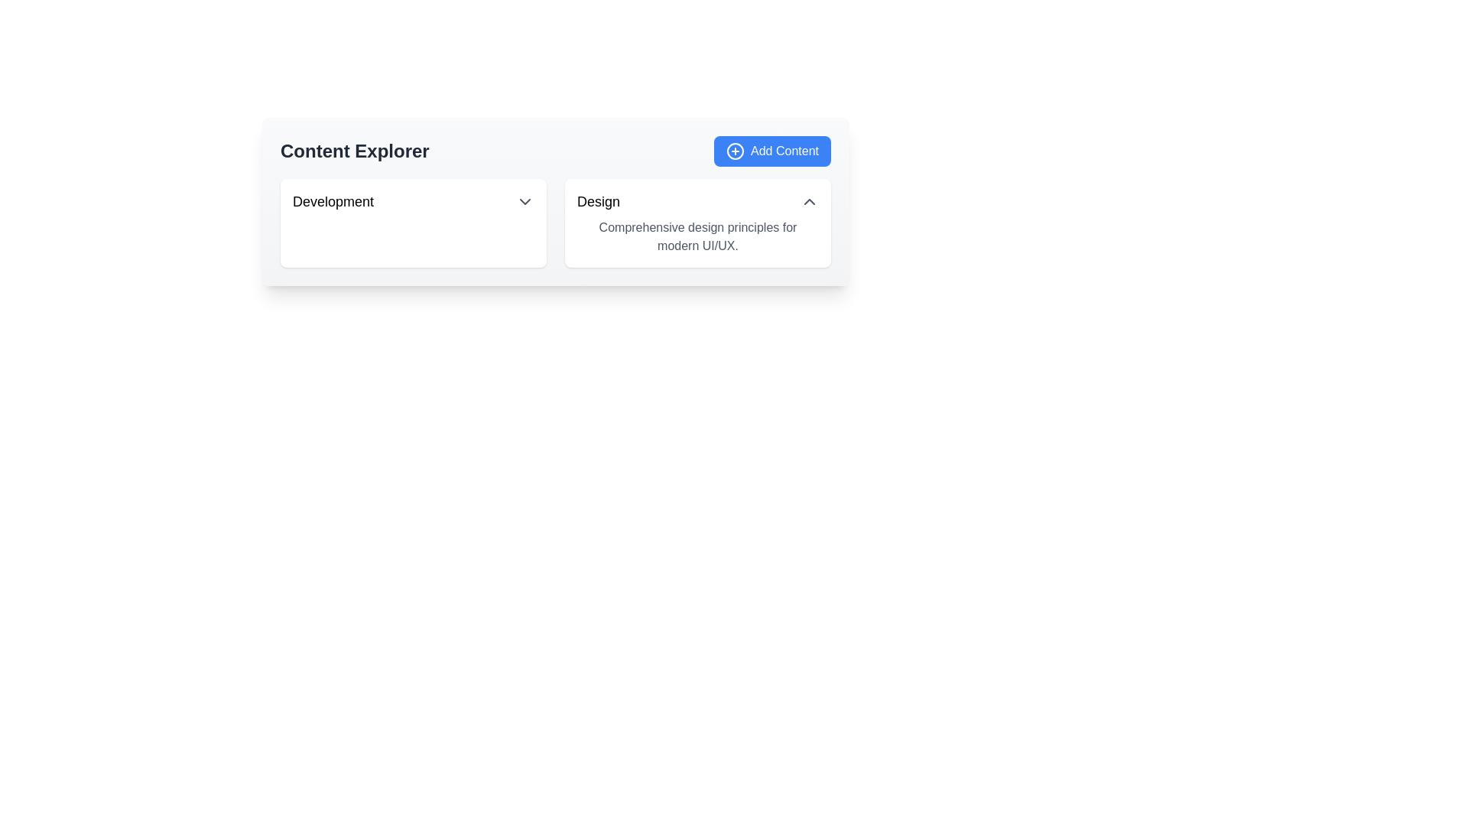  I want to click on the first card button in the selection menu or dashboard, so click(414, 223).